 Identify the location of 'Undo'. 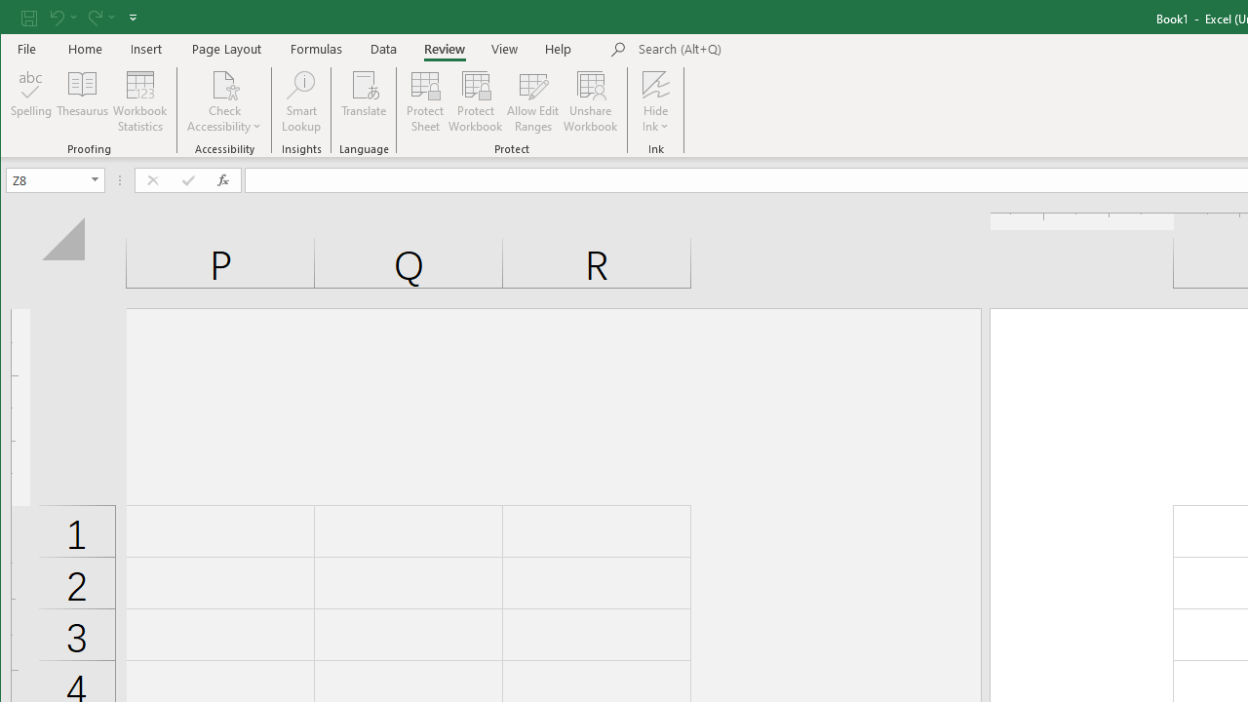
(56, 17).